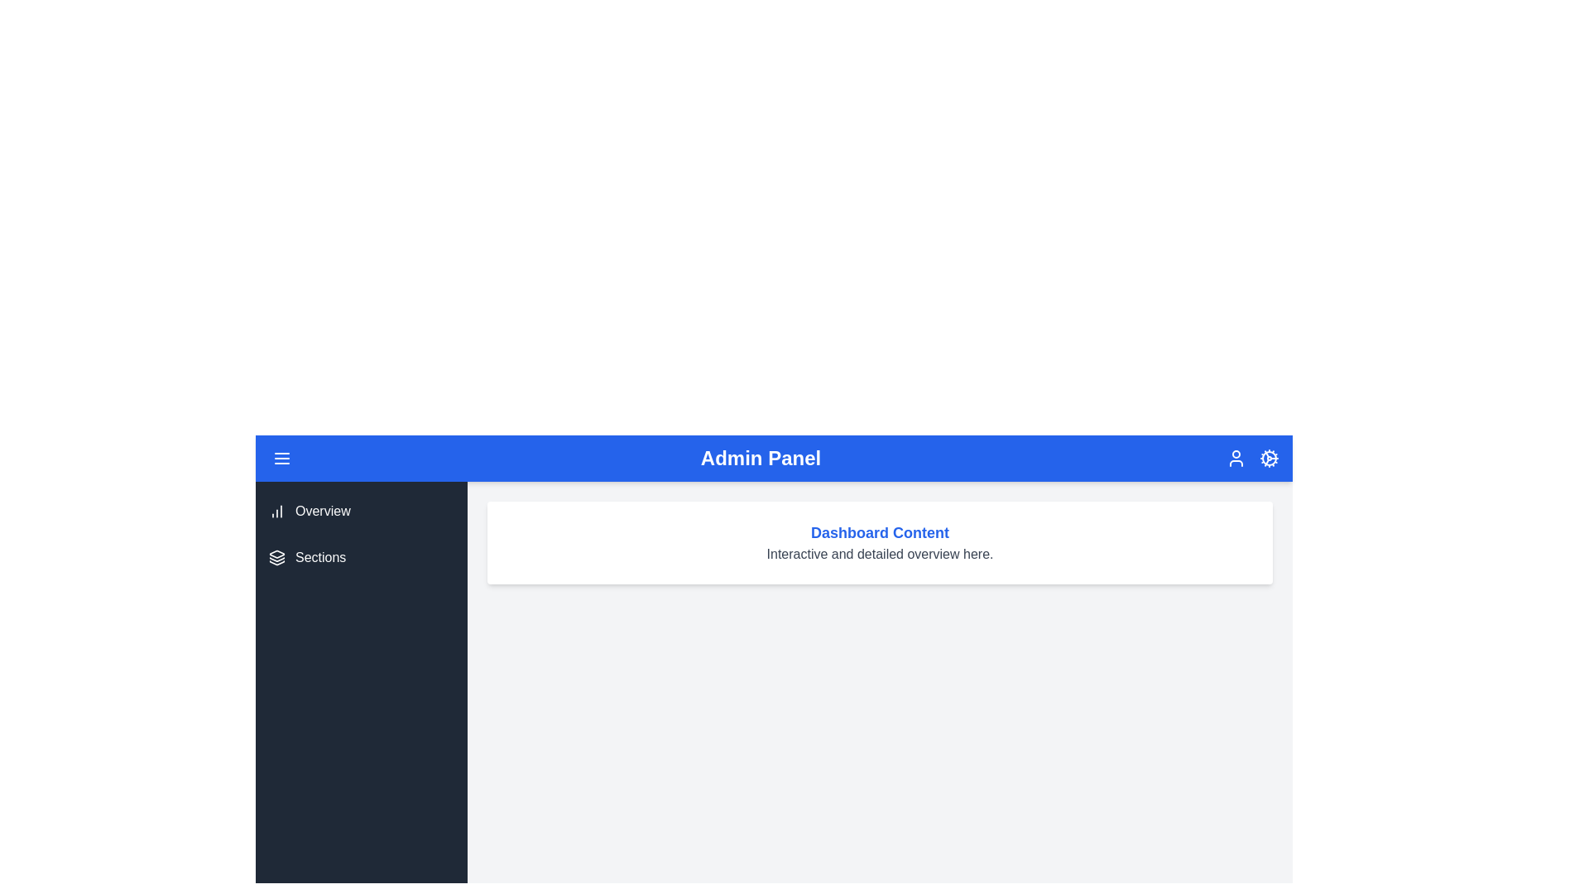 This screenshot has height=894, width=1589. Describe the element at coordinates (360, 558) in the screenshot. I see `the 'Sections' link in the sidebar` at that location.